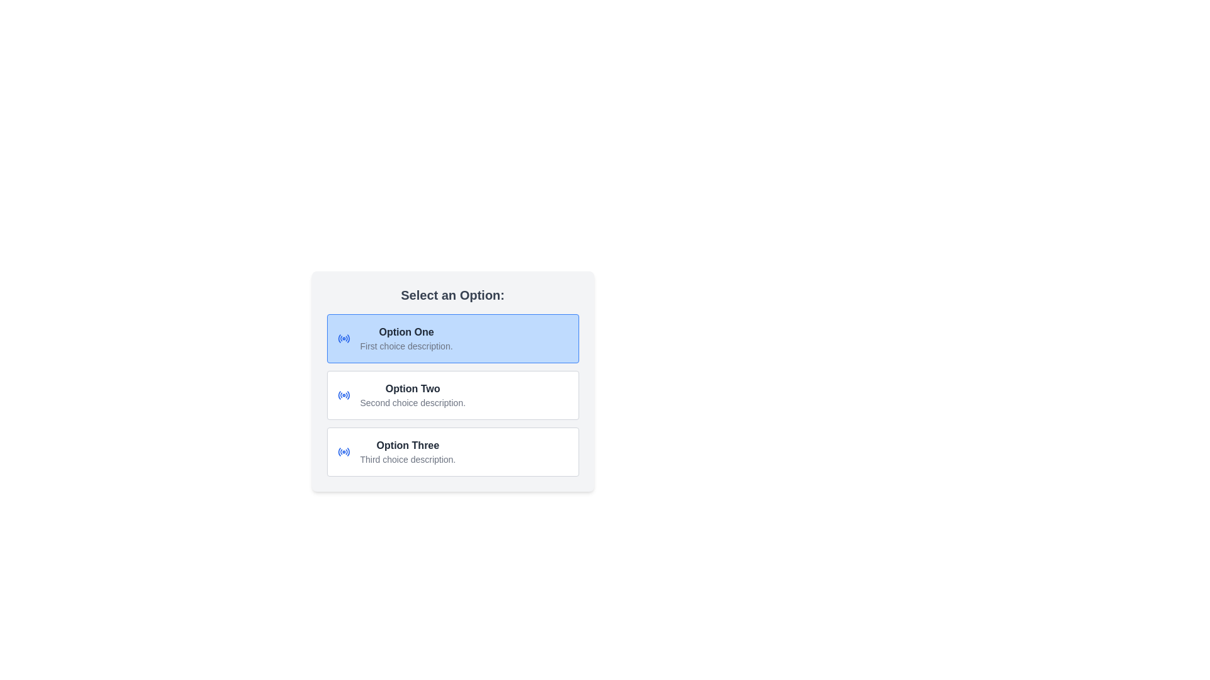  I want to click on to select the first option in the Radio Button Group, which has a light blue background and contains the title 'Option One', so click(452, 337).